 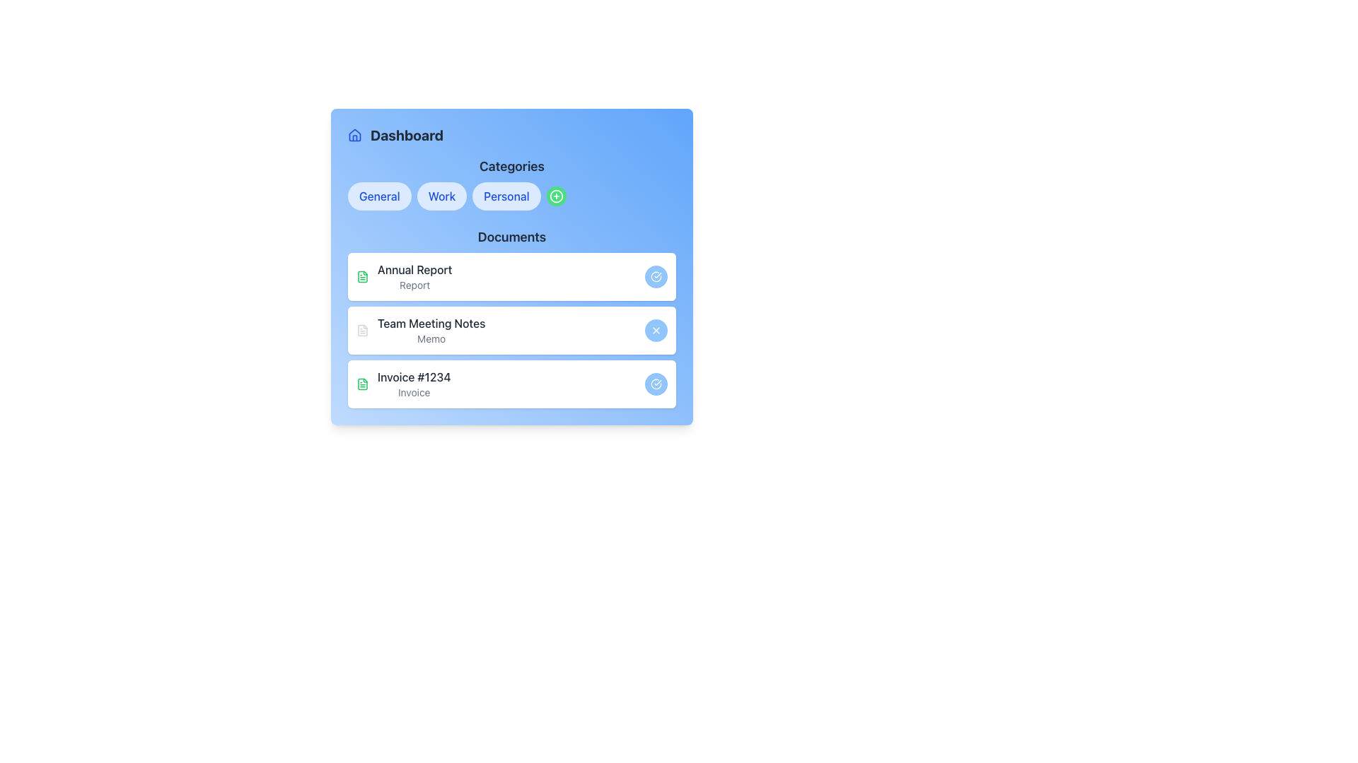 I want to click on the 'X' icon inside the circular button next to the 'Team Meeting Notes' document entry, so click(x=655, y=330).